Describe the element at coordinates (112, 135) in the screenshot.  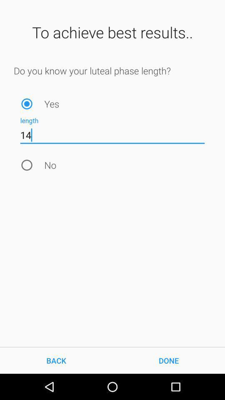
I see `the 14 item` at that location.